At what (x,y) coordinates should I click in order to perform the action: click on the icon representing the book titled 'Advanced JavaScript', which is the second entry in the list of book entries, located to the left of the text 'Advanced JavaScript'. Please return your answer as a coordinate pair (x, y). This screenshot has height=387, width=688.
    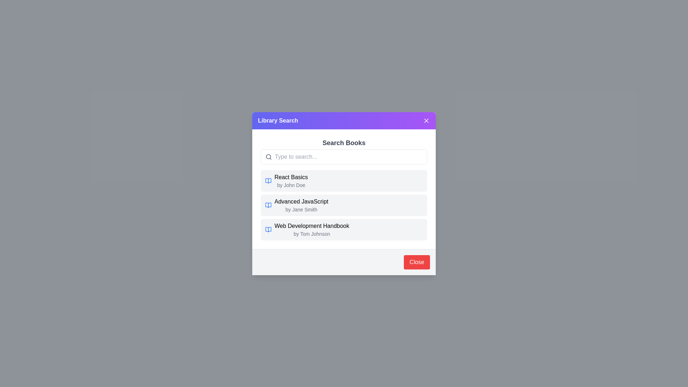
    Looking at the image, I should click on (268, 205).